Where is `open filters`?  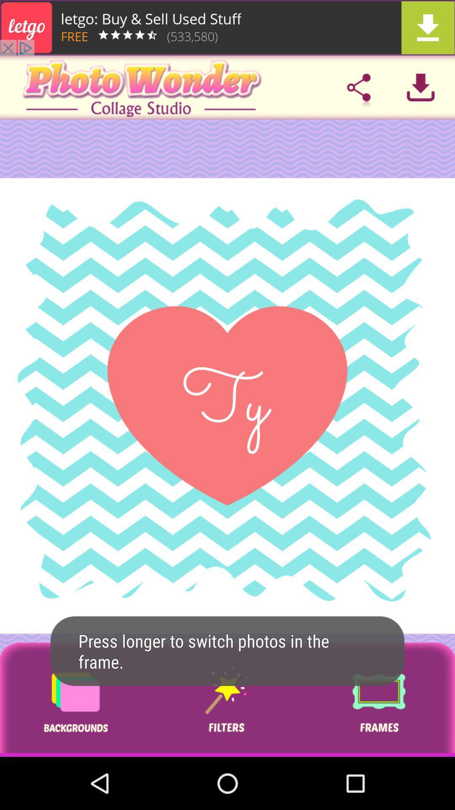
open filters is located at coordinates (227, 699).